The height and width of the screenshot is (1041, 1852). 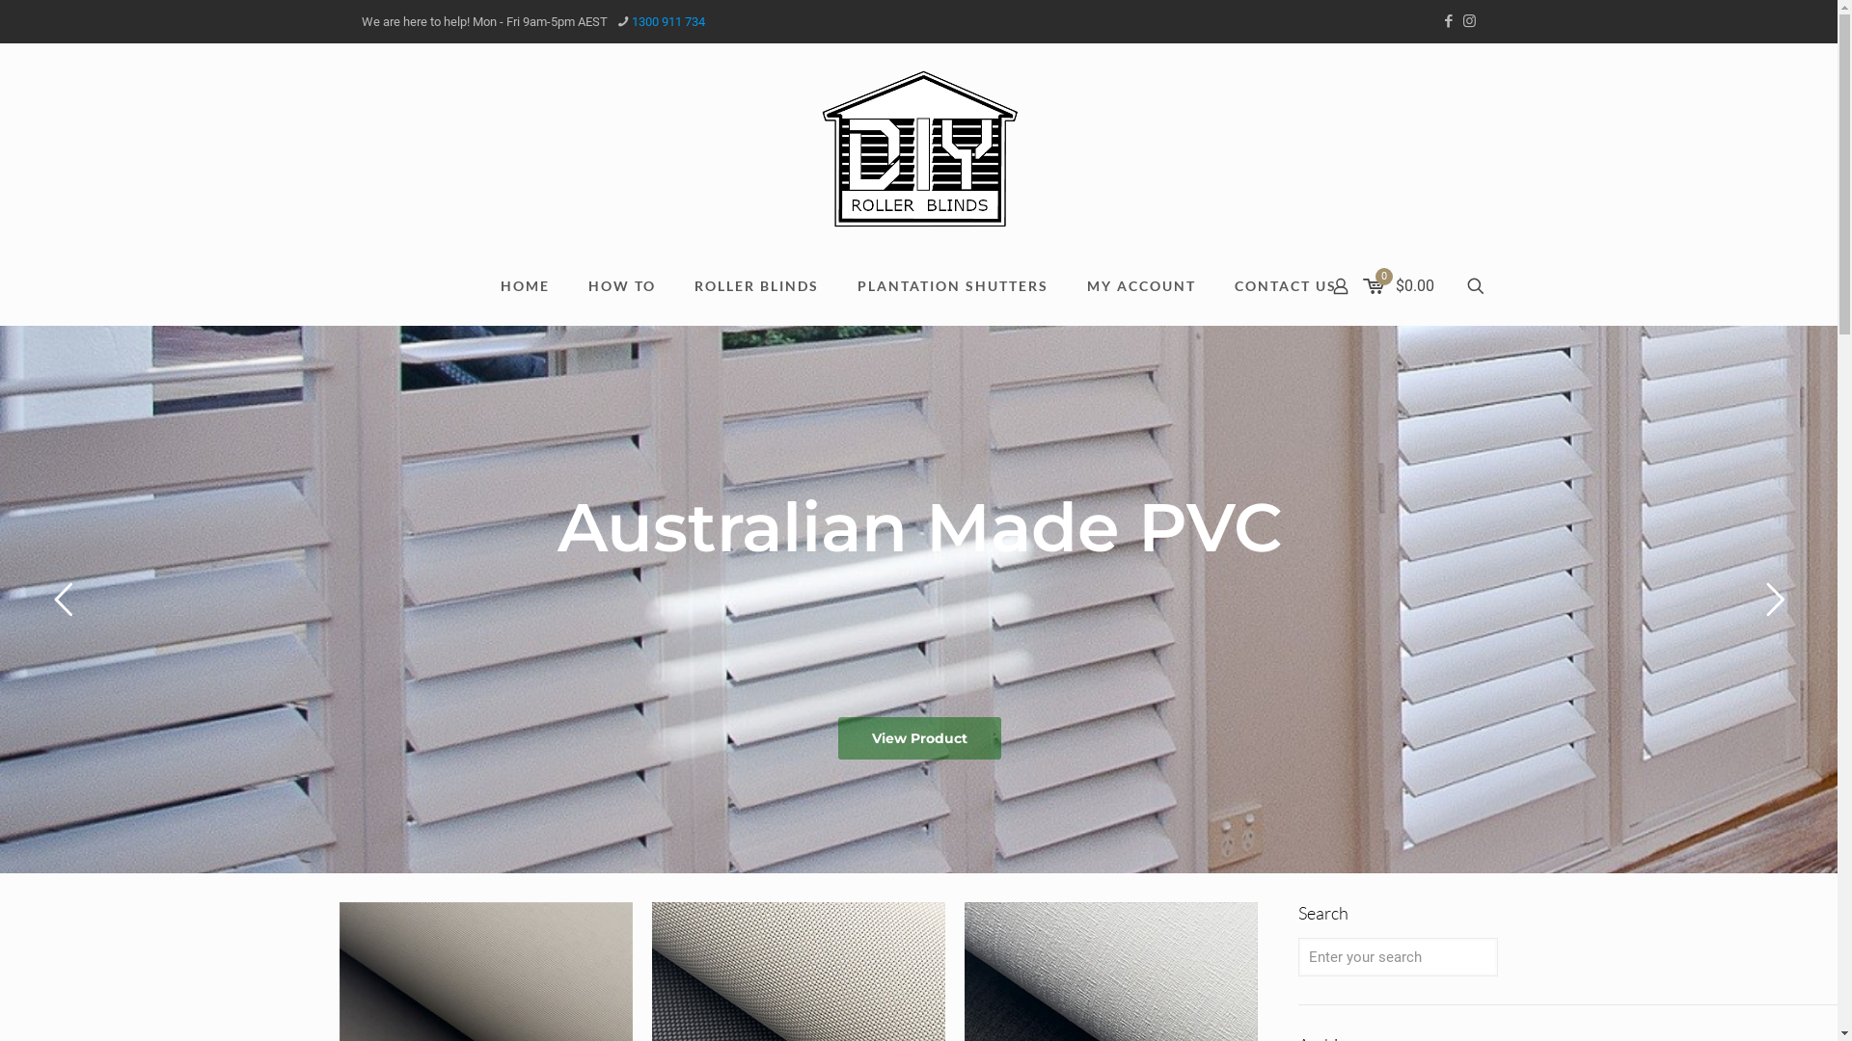 I want to click on 'HOW TO', so click(x=568, y=286).